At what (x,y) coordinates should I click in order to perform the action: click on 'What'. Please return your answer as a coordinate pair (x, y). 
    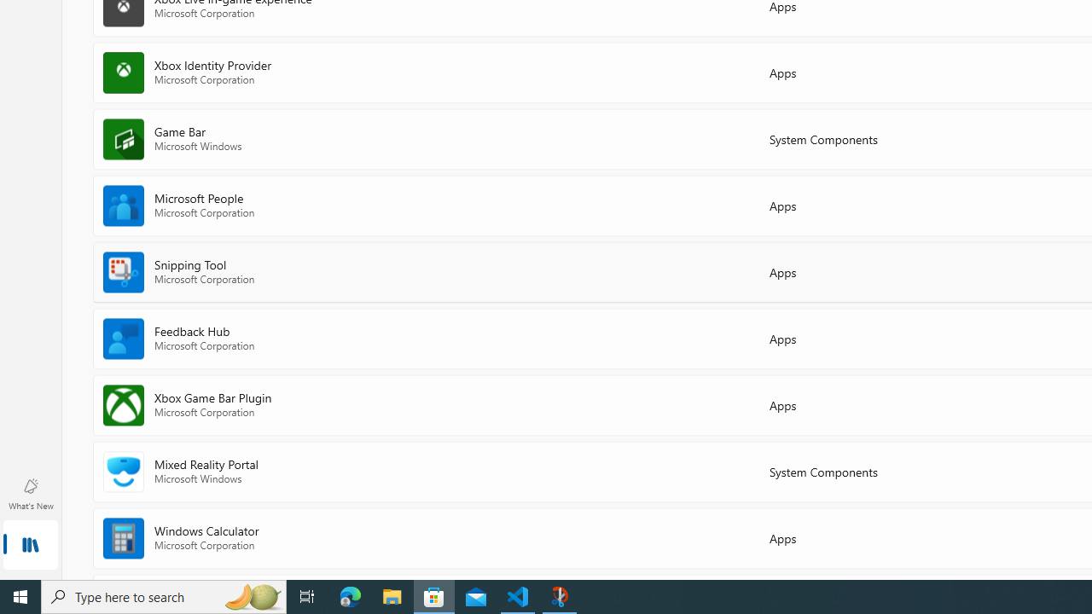
    Looking at the image, I should click on (30, 493).